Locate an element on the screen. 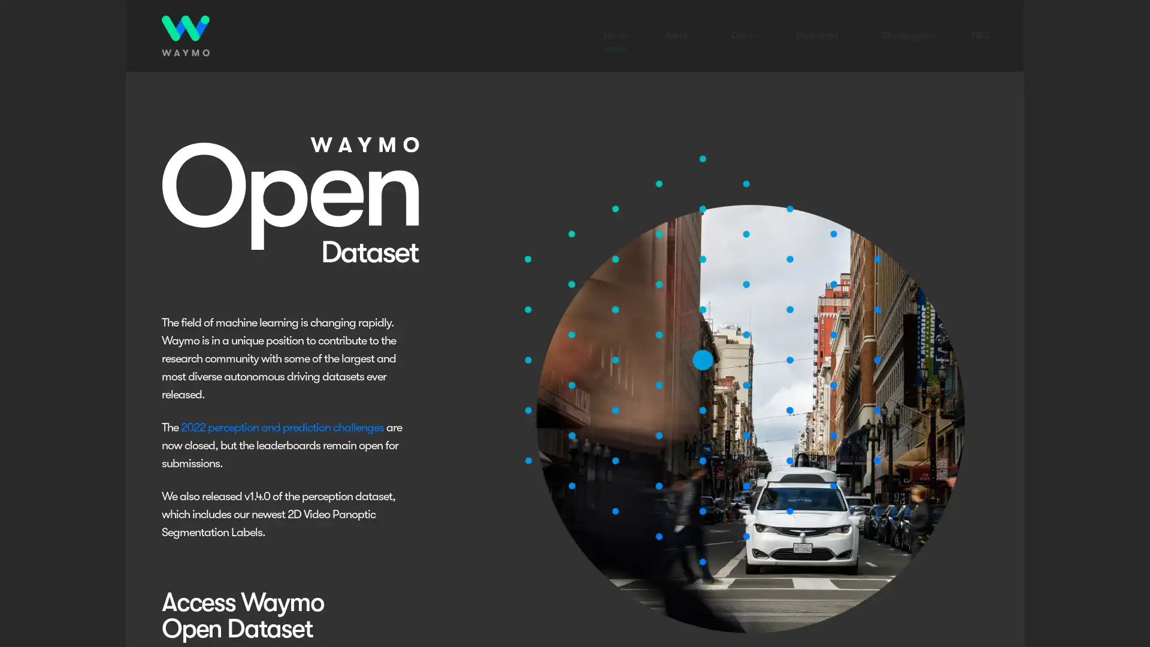 Image resolution: width=1150 pixels, height=647 pixels. Past Challenges based on Motion Dataset is located at coordinates (922, 351).